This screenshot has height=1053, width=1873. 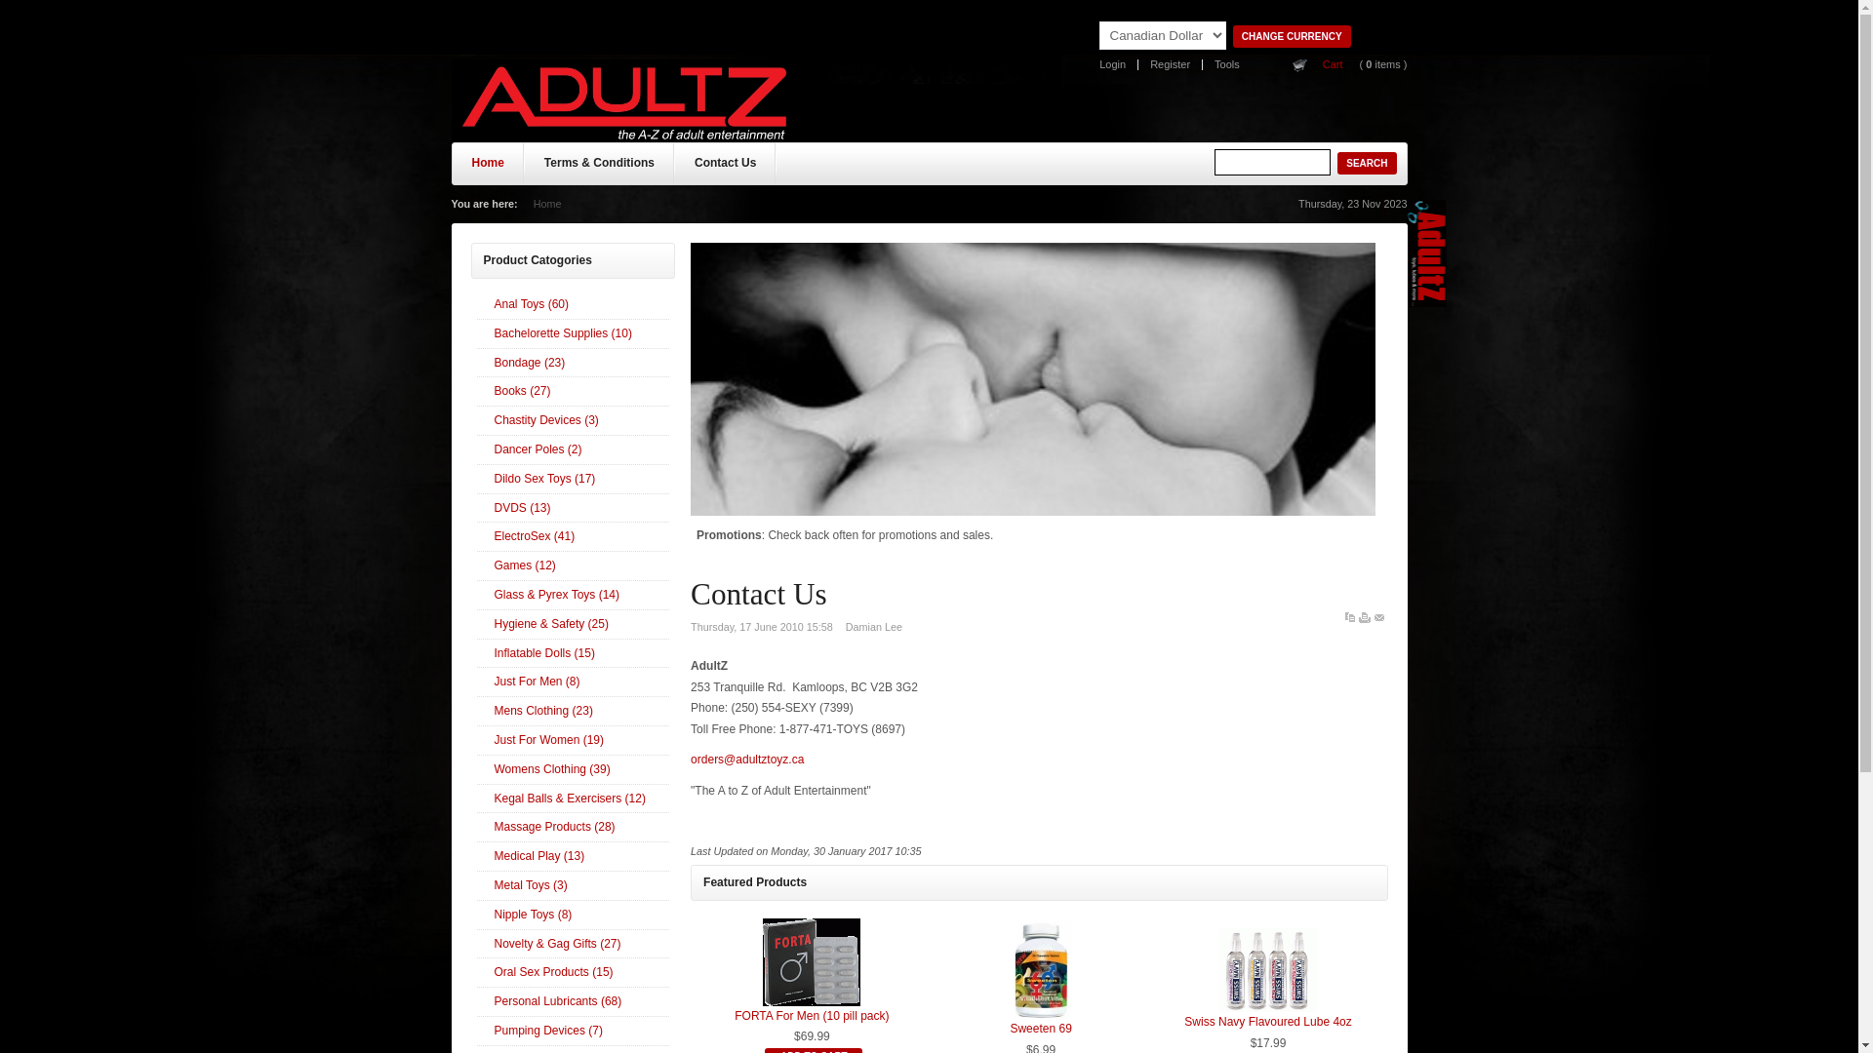 What do you see at coordinates (571, 740) in the screenshot?
I see `'Just For Women (19)'` at bounding box center [571, 740].